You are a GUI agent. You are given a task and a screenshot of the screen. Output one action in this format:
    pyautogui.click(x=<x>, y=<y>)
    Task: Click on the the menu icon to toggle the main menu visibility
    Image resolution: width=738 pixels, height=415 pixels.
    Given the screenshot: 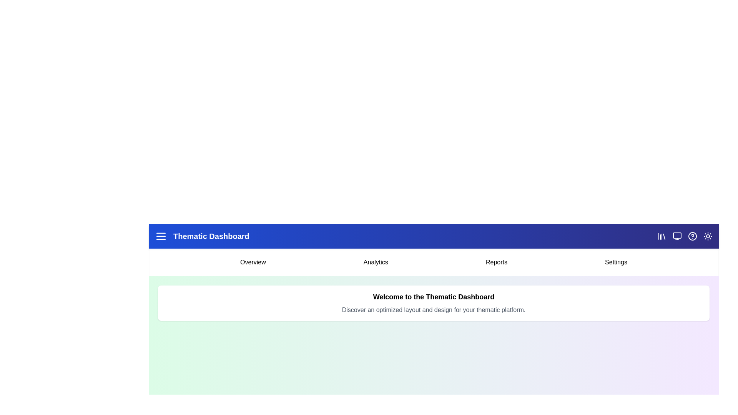 What is the action you would take?
    pyautogui.click(x=160, y=236)
    